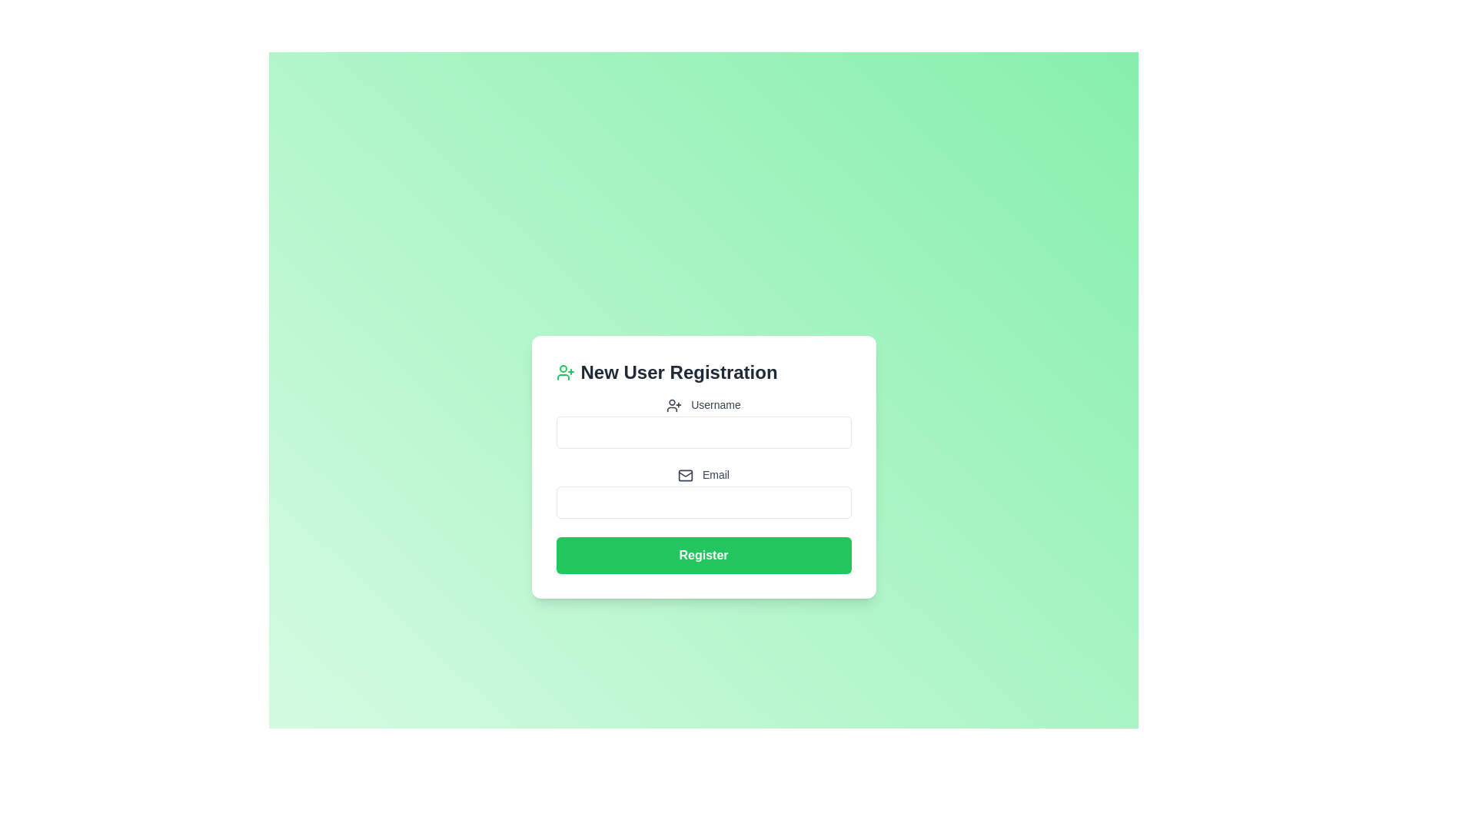 This screenshot has width=1476, height=830. I want to click on the email input field icon, which is visually associated with the label 'Email' and located to the left of it in the second row of the form, so click(685, 475).